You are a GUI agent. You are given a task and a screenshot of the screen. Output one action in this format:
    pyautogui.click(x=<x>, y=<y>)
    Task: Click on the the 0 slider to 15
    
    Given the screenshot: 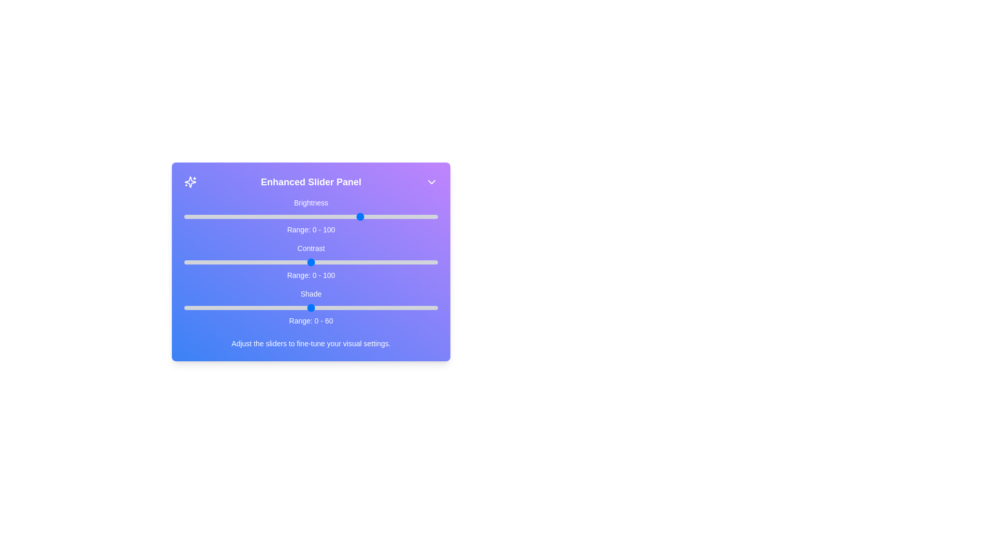 What is the action you would take?
    pyautogui.click(x=222, y=216)
    